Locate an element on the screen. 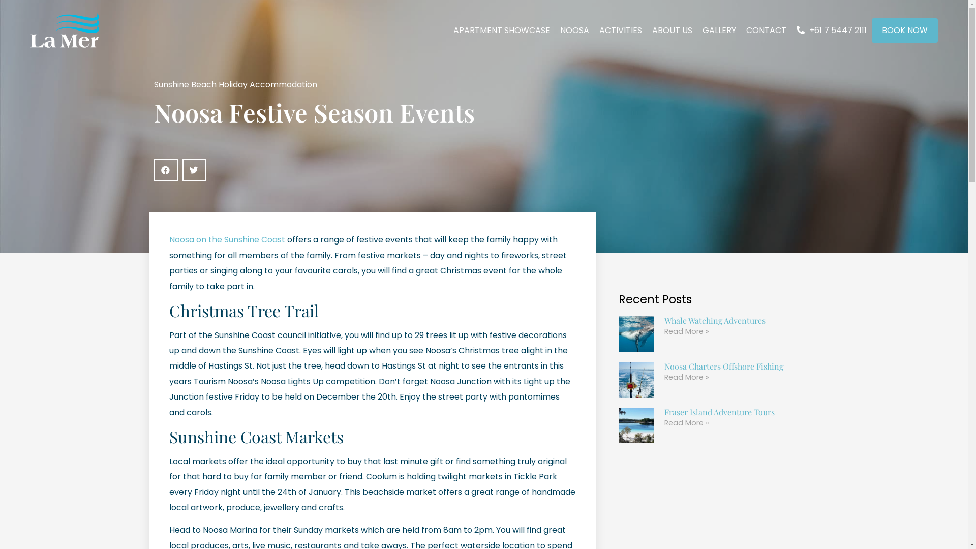  'GALLERY' is located at coordinates (719, 30).